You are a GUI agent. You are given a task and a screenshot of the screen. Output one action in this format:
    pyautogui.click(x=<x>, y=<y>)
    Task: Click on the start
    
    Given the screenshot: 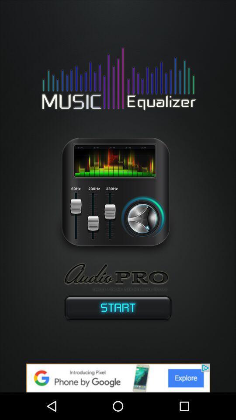 What is the action you would take?
    pyautogui.click(x=118, y=309)
    